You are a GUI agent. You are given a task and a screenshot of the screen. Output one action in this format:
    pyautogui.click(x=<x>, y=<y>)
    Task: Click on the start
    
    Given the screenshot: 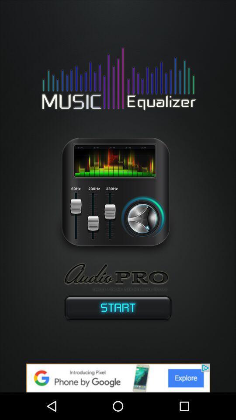 What is the action you would take?
    pyautogui.click(x=118, y=309)
    